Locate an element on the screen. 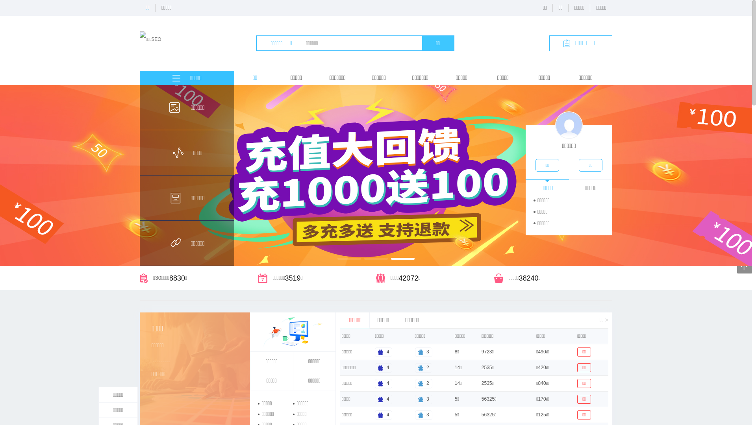  '2' is located at coordinates (423, 383).